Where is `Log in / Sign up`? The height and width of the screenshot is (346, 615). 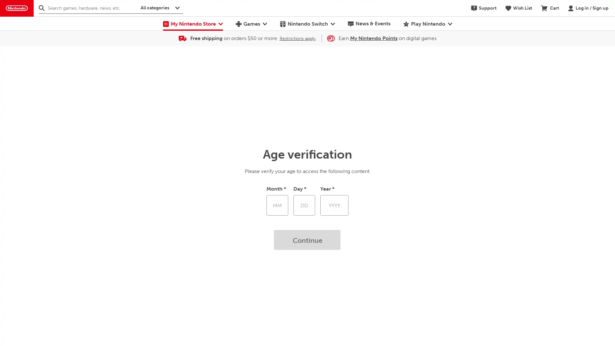
Log in / Sign up is located at coordinates (588, 8).